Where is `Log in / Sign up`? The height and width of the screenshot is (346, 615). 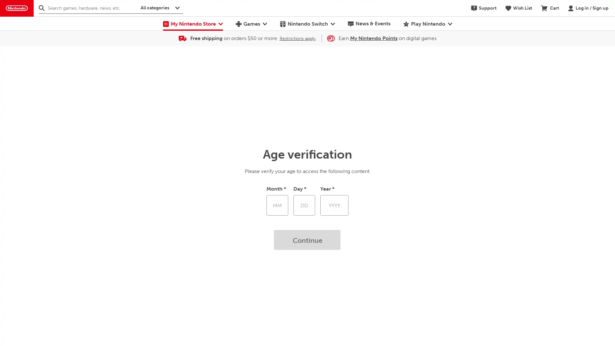
Log in / Sign up is located at coordinates (588, 8).